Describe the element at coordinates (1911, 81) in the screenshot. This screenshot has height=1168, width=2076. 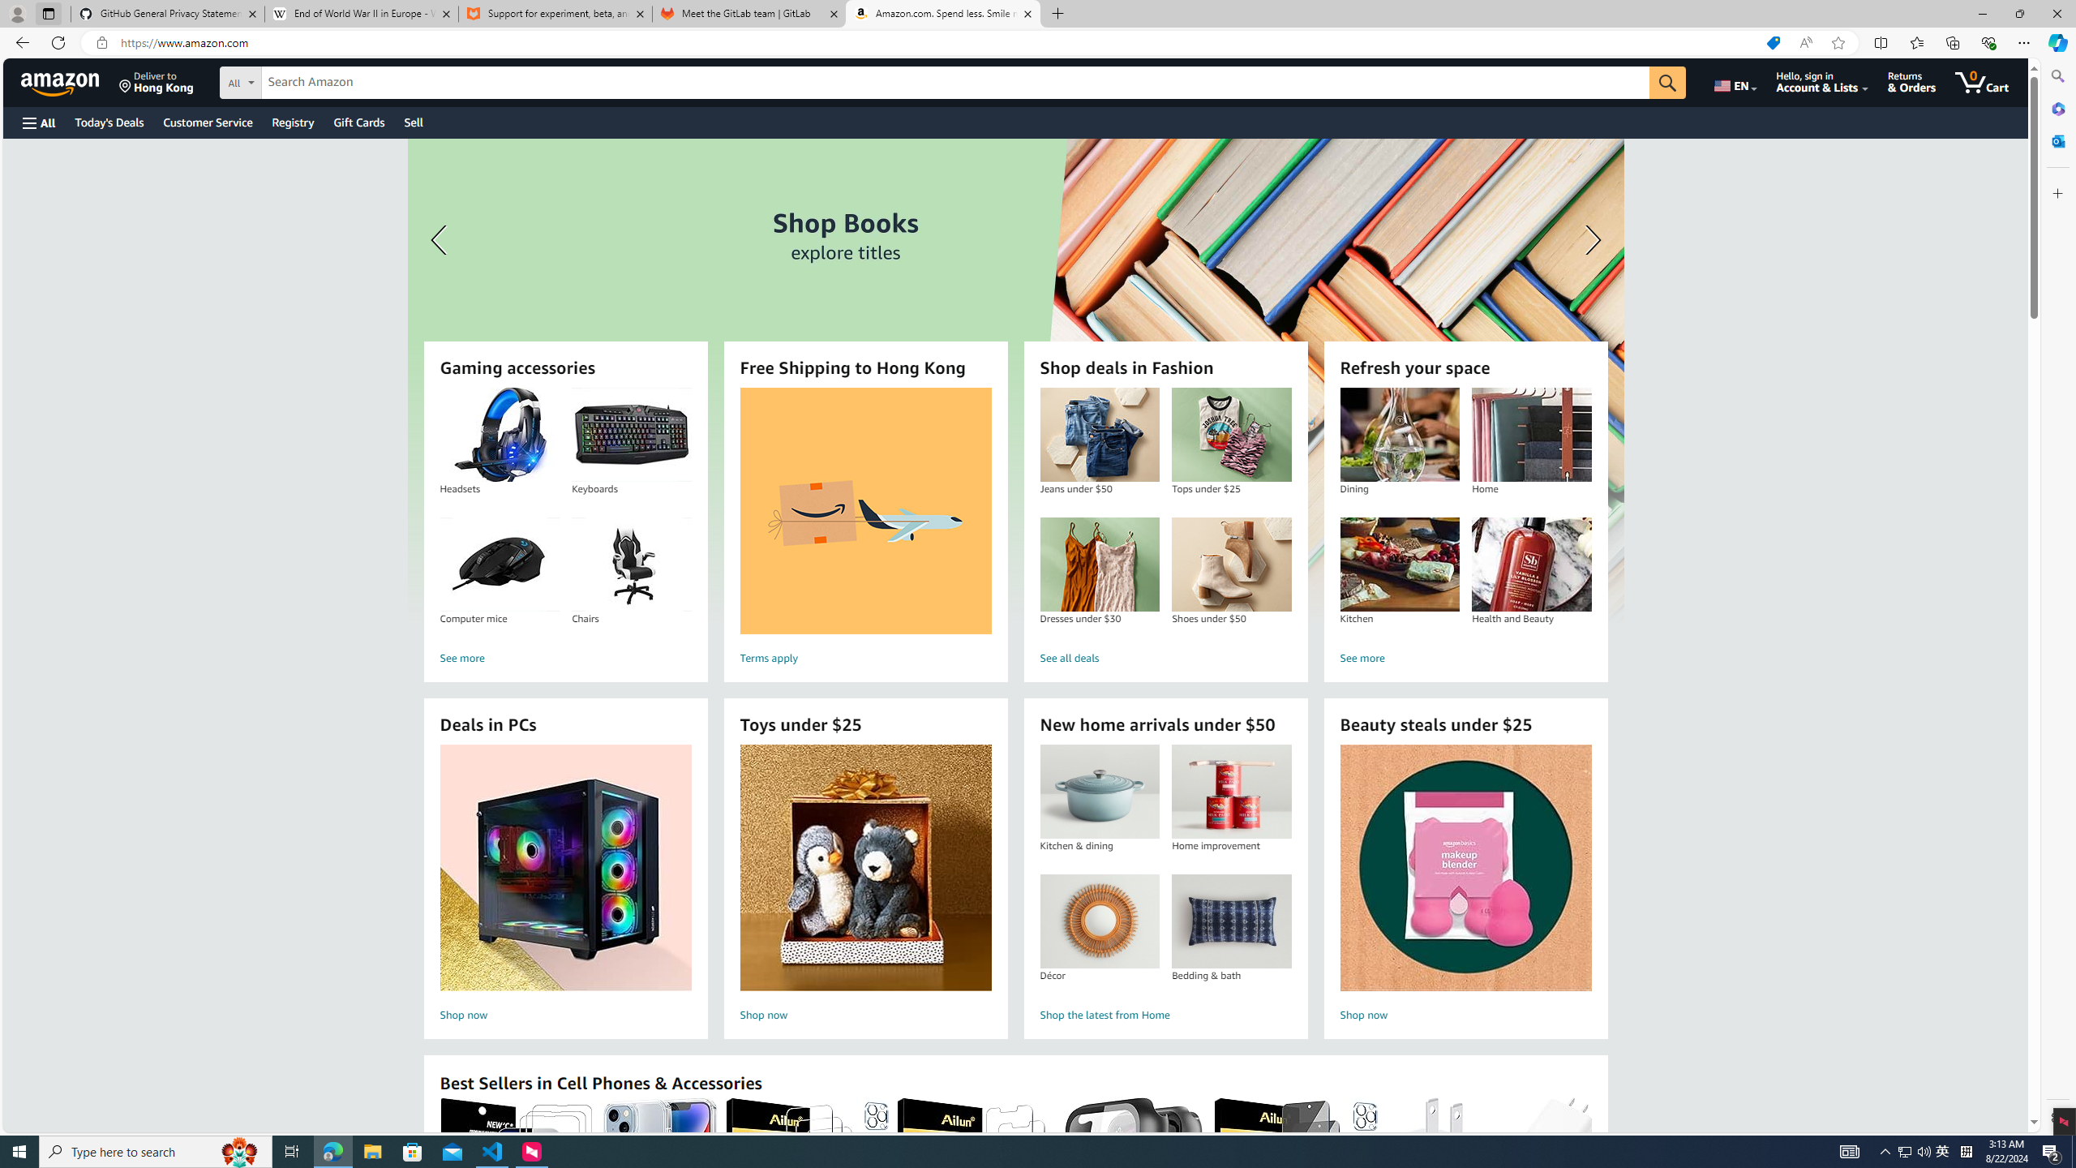
I see `'Returns & Orders'` at that location.